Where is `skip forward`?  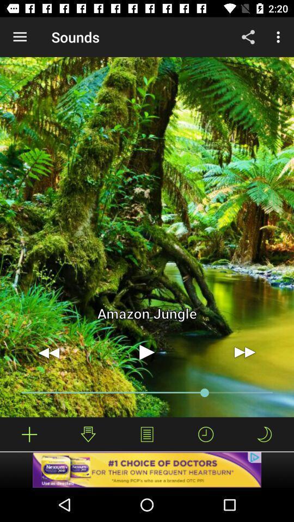
skip forward is located at coordinates (244, 352).